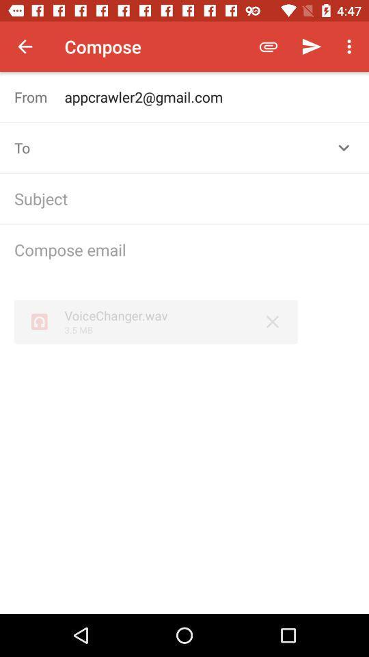 Image resolution: width=369 pixels, height=657 pixels. I want to click on item above appcrawler2@gmail.com, so click(311, 47).